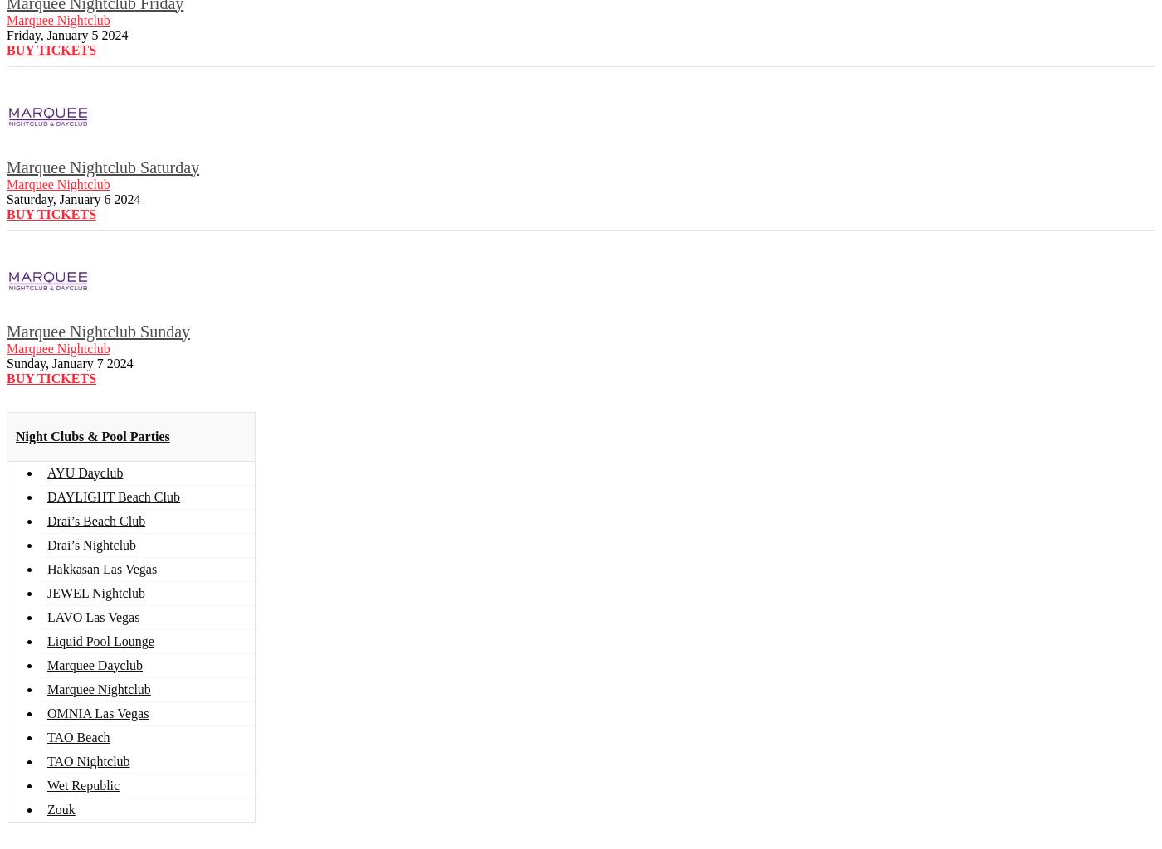 This screenshot has width=1162, height=849. Describe the element at coordinates (102, 167) in the screenshot. I see `'Marquee Nightclub Saturday'` at that location.